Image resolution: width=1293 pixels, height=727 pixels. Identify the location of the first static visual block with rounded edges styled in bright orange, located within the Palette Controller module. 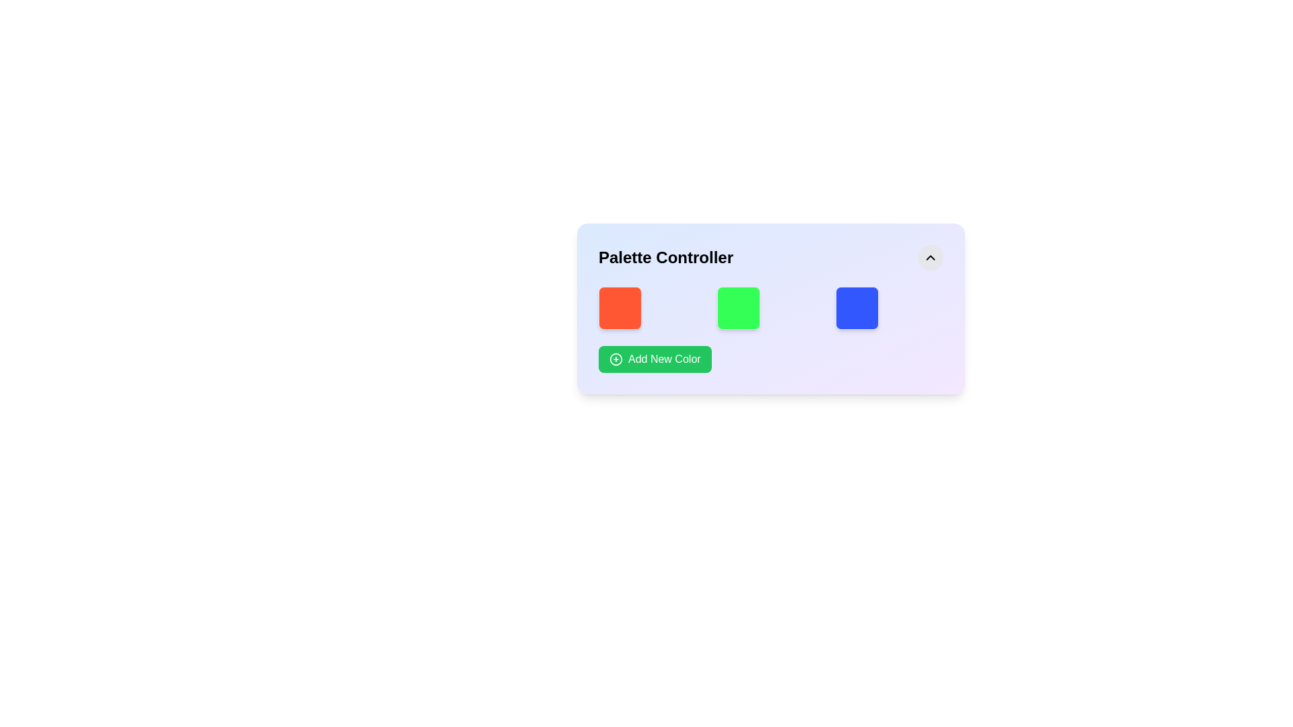
(620, 308).